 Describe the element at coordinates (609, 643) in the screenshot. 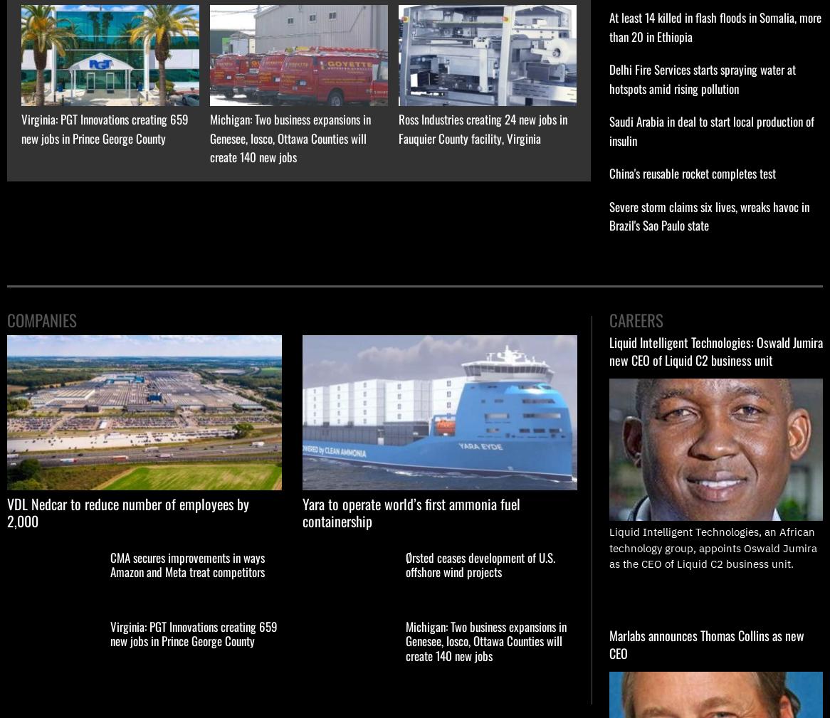

I see `'Marlabs announces Thomas Collins as new CEO'` at that location.